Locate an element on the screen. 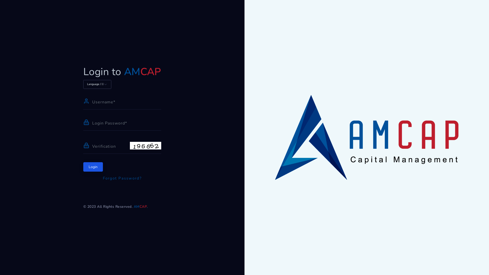 This screenshot has width=489, height=275. 'AMCAP' is located at coordinates (133, 207).